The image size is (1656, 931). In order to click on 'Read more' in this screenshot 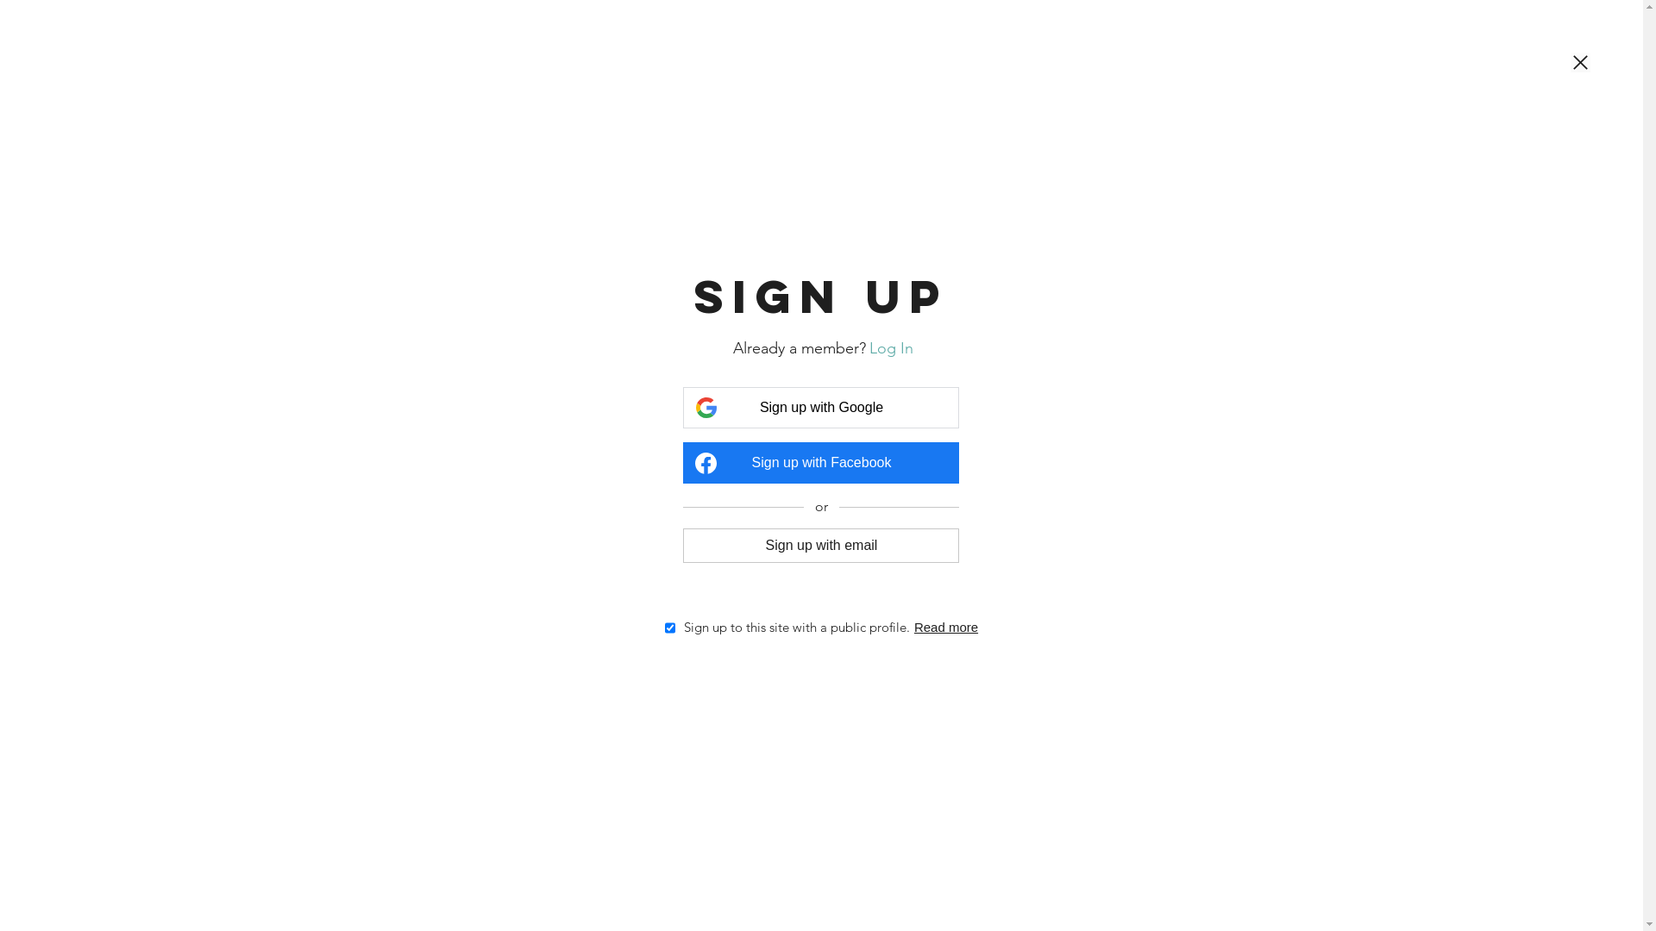, I will do `click(945, 627)`.